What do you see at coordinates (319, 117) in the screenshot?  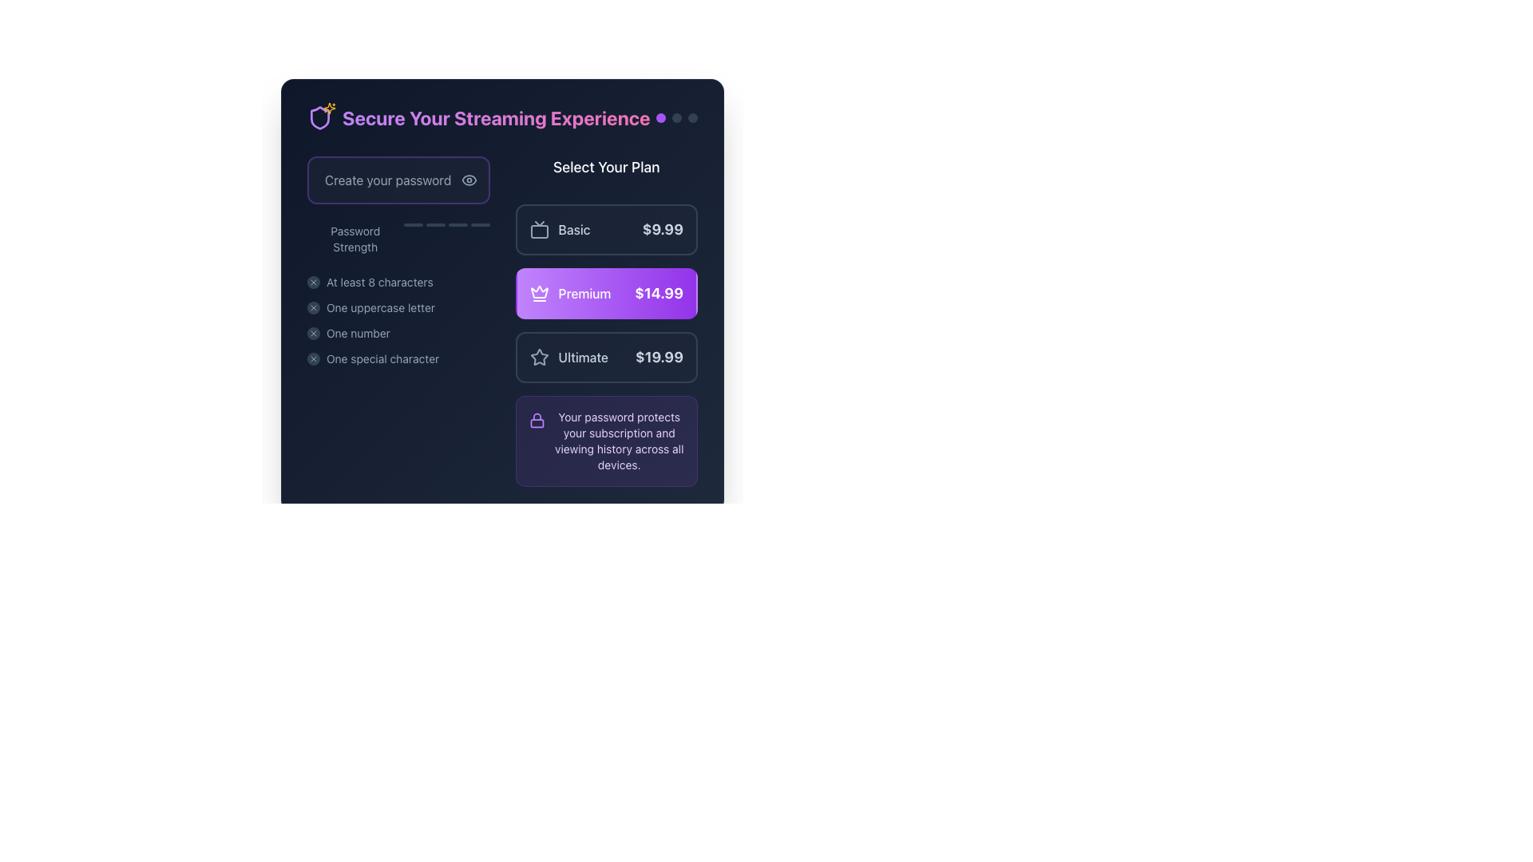 I see `security icon located to the left of the 'Secure Your Streaming Experience' text for aesthetic details` at bounding box center [319, 117].